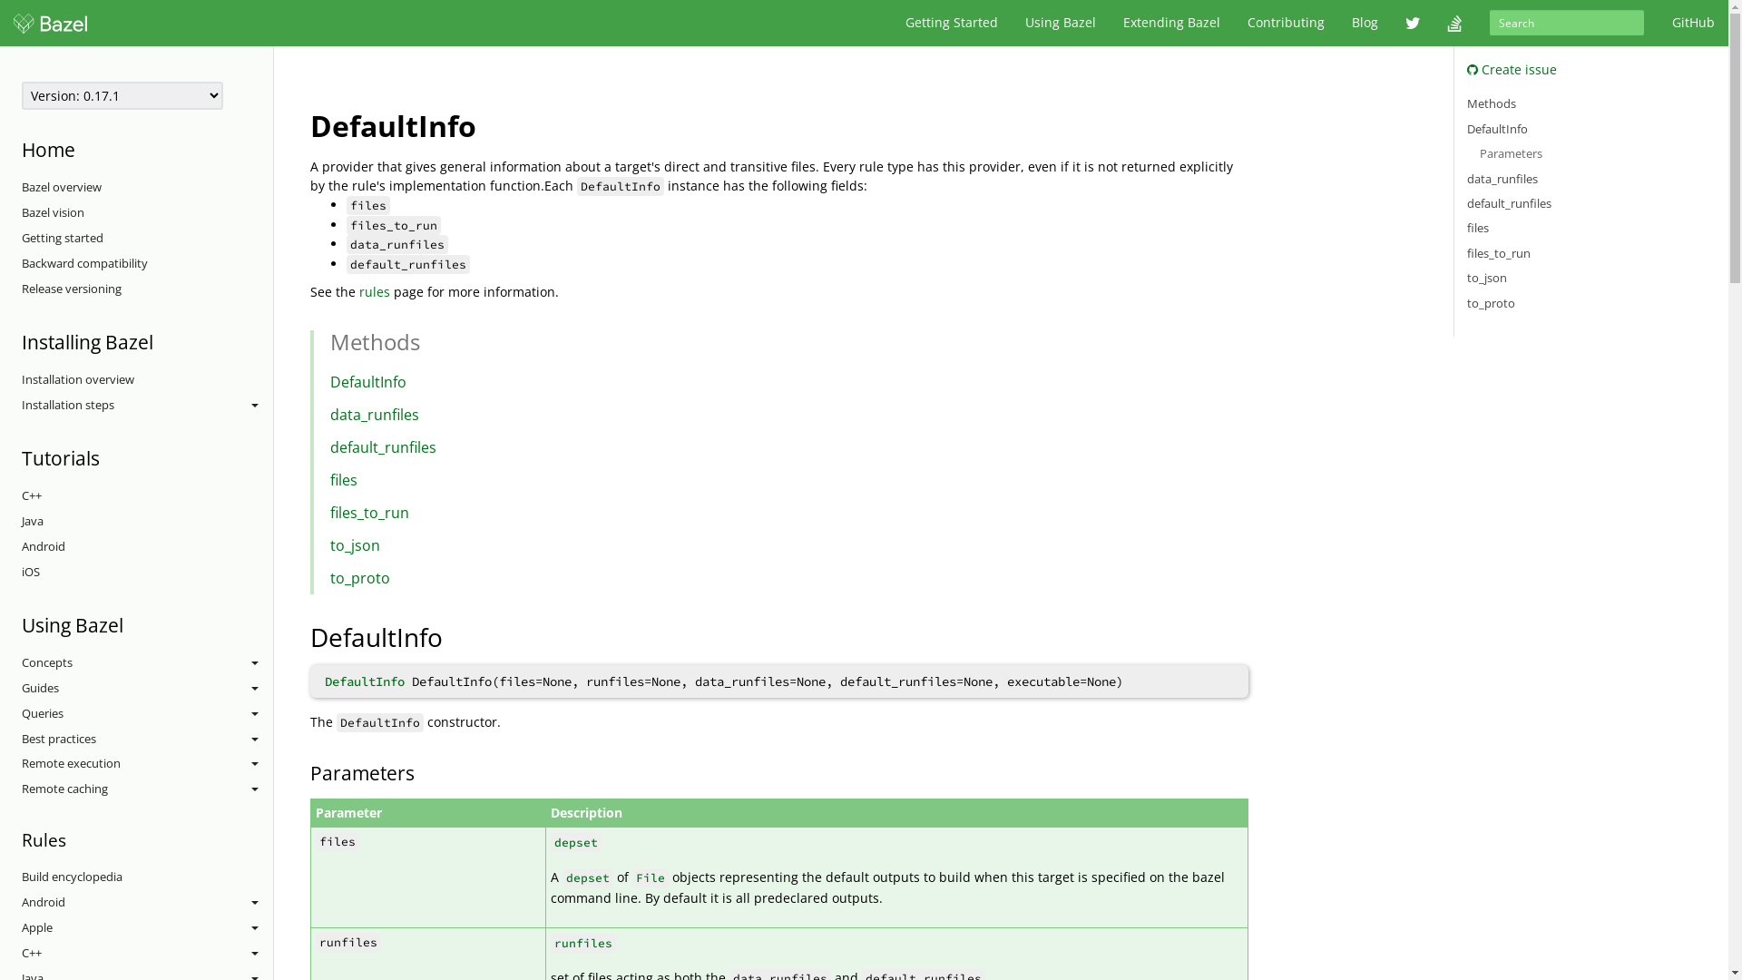 This screenshot has width=1742, height=980. What do you see at coordinates (147, 212) in the screenshot?
I see `'Bazel vision'` at bounding box center [147, 212].